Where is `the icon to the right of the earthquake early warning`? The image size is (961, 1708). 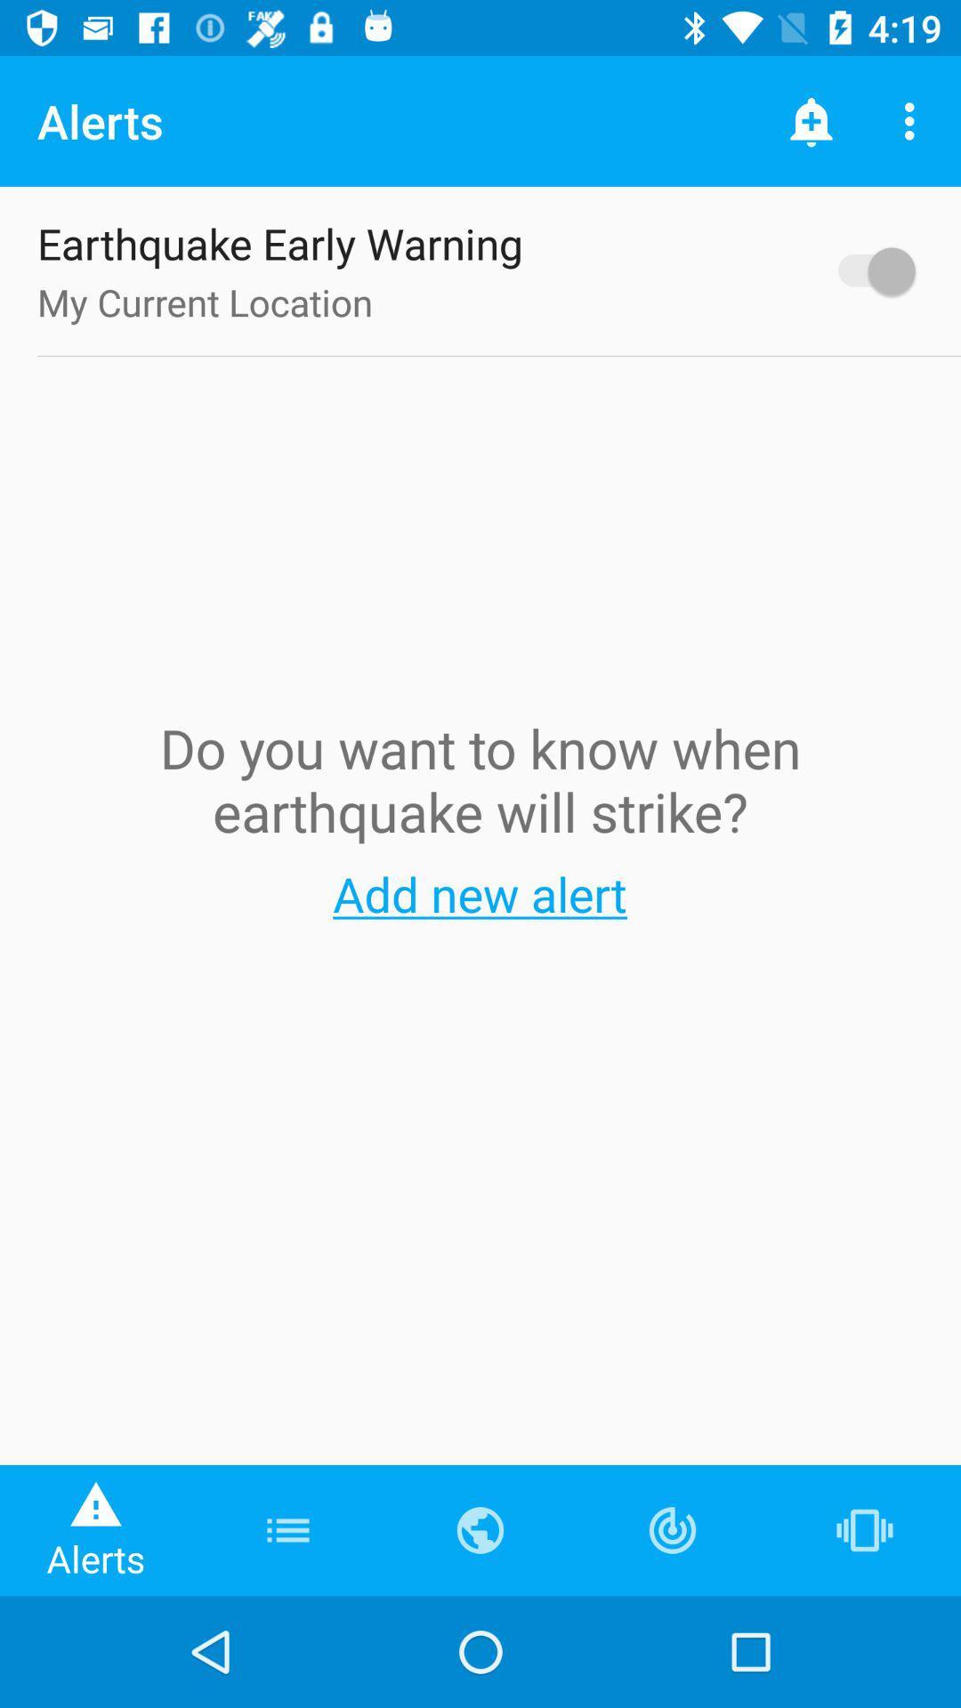
the icon to the right of the earthquake early warning is located at coordinates (867, 270).